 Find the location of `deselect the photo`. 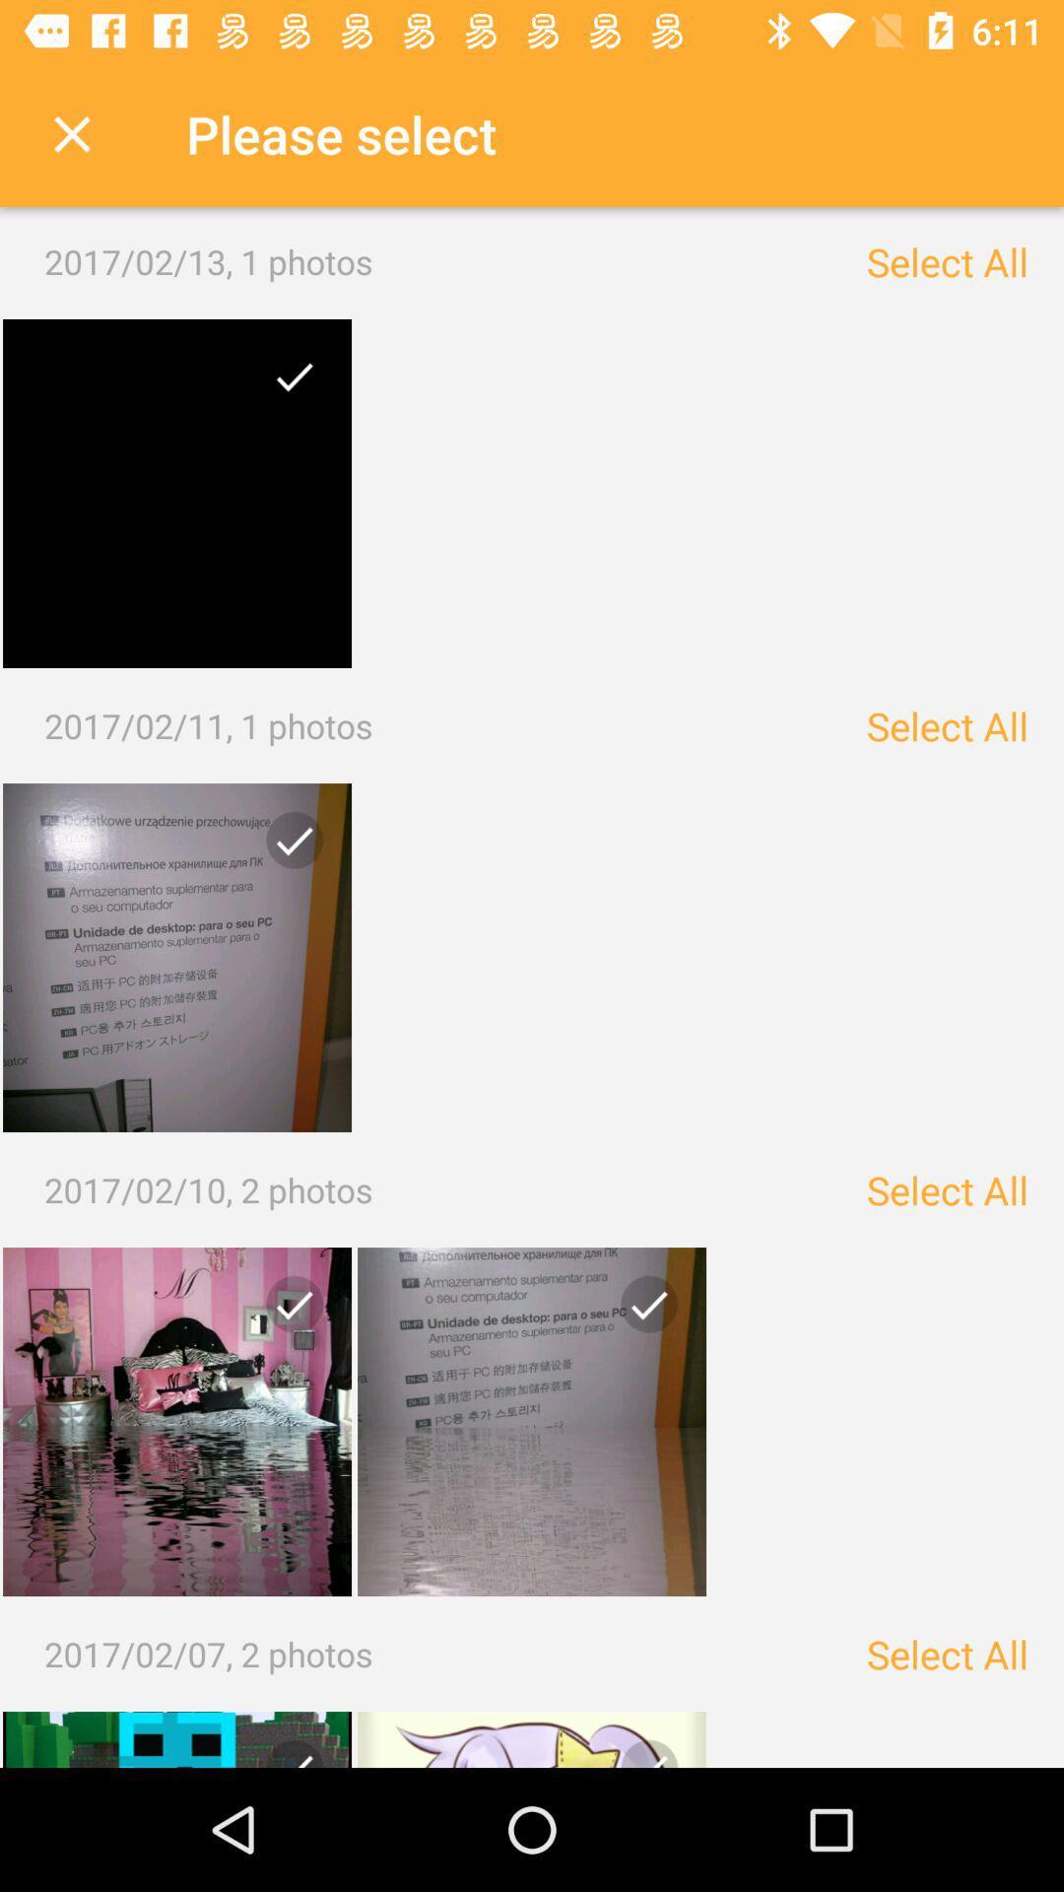

deselect the photo is located at coordinates (177, 1422).